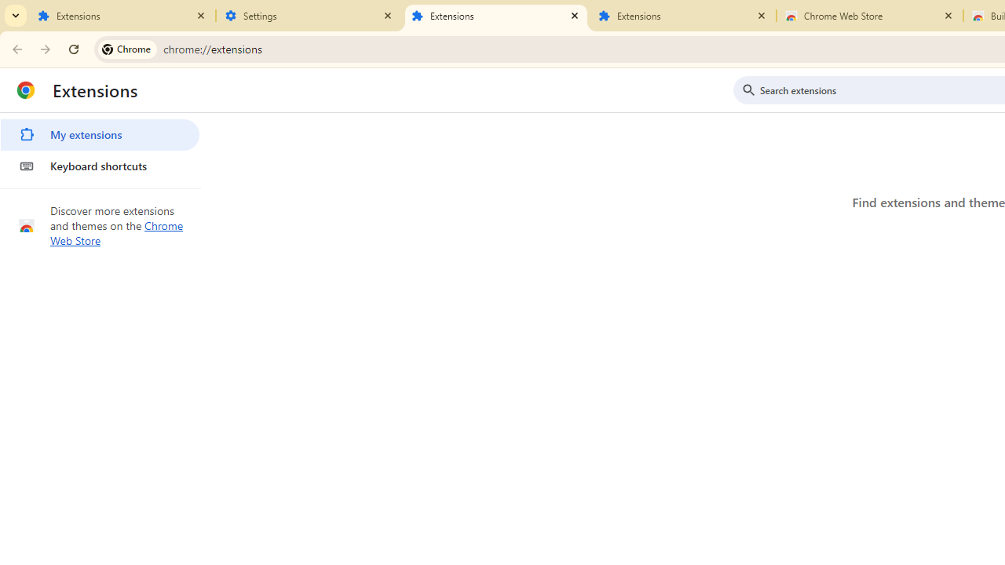 The height and width of the screenshot is (565, 1005). I want to click on 'My extensions', so click(99, 134).